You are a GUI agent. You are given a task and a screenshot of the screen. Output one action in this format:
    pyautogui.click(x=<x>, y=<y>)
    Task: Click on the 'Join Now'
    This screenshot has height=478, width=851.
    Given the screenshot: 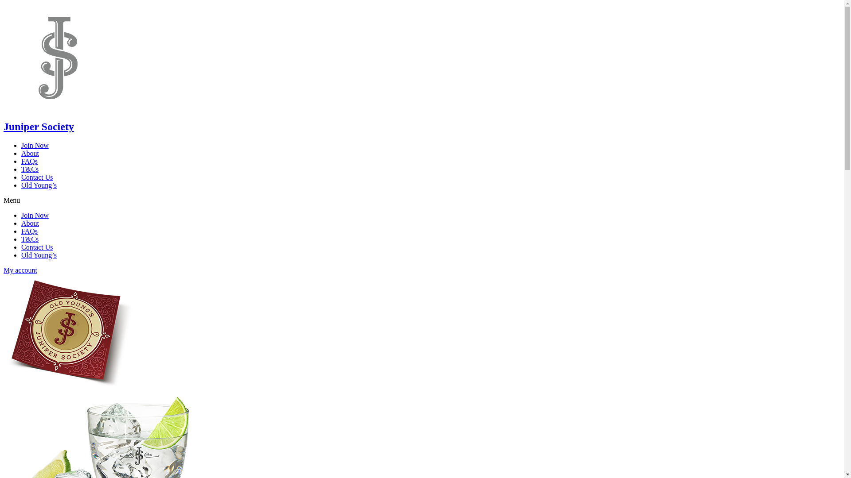 What is the action you would take?
    pyautogui.click(x=35, y=145)
    